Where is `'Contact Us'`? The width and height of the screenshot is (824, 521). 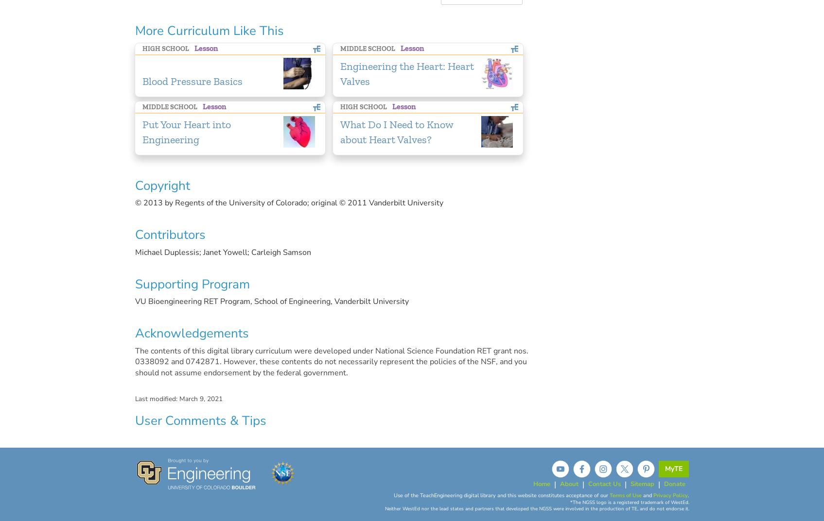 'Contact Us' is located at coordinates (603, 483).